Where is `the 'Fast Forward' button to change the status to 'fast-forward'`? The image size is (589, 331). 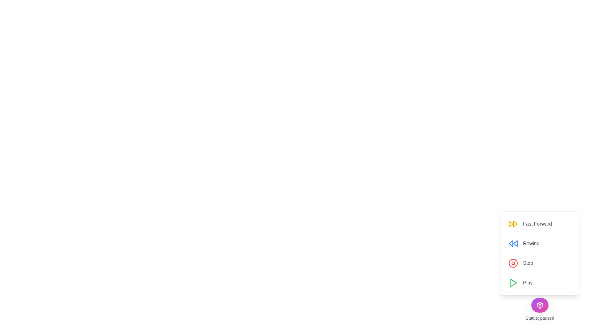
the 'Fast Forward' button to change the status to 'fast-forward' is located at coordinates (530, 224).